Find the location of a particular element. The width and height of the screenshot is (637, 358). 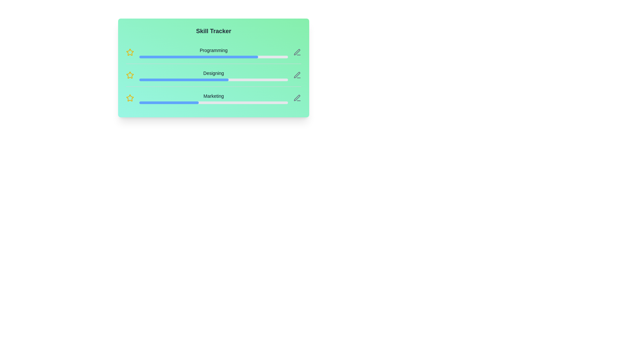

the edit icon next to the skill Marketing is located at coordinates (297, 98).